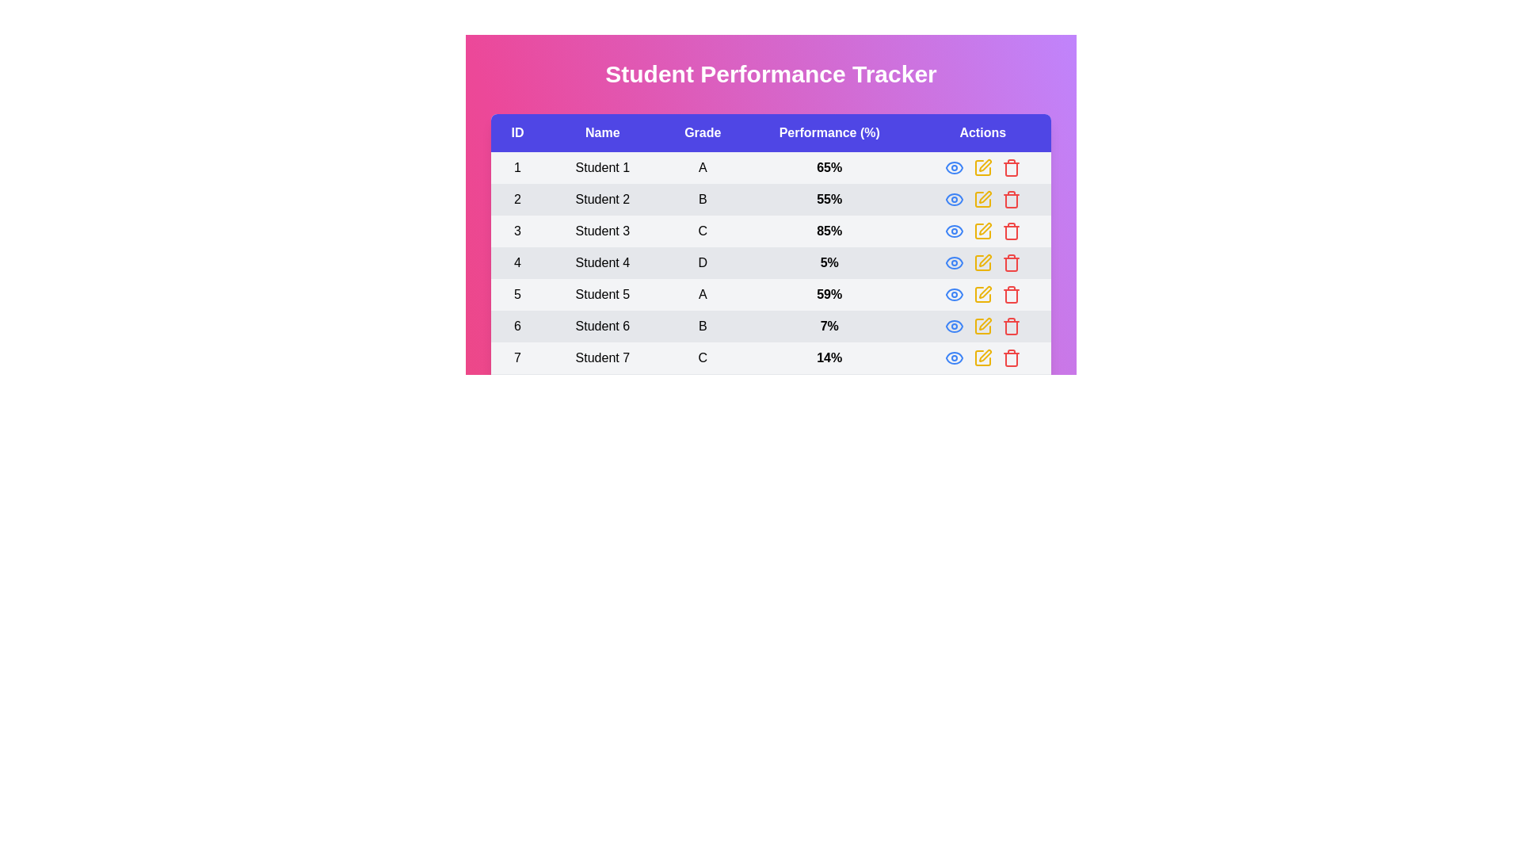 This screenshot has height=856, width=1521. What do you see at coordinates (702, 132) in the screenshot?
I see `the column header Grade to sort the rows by that column` at bounding box center [702, 132].